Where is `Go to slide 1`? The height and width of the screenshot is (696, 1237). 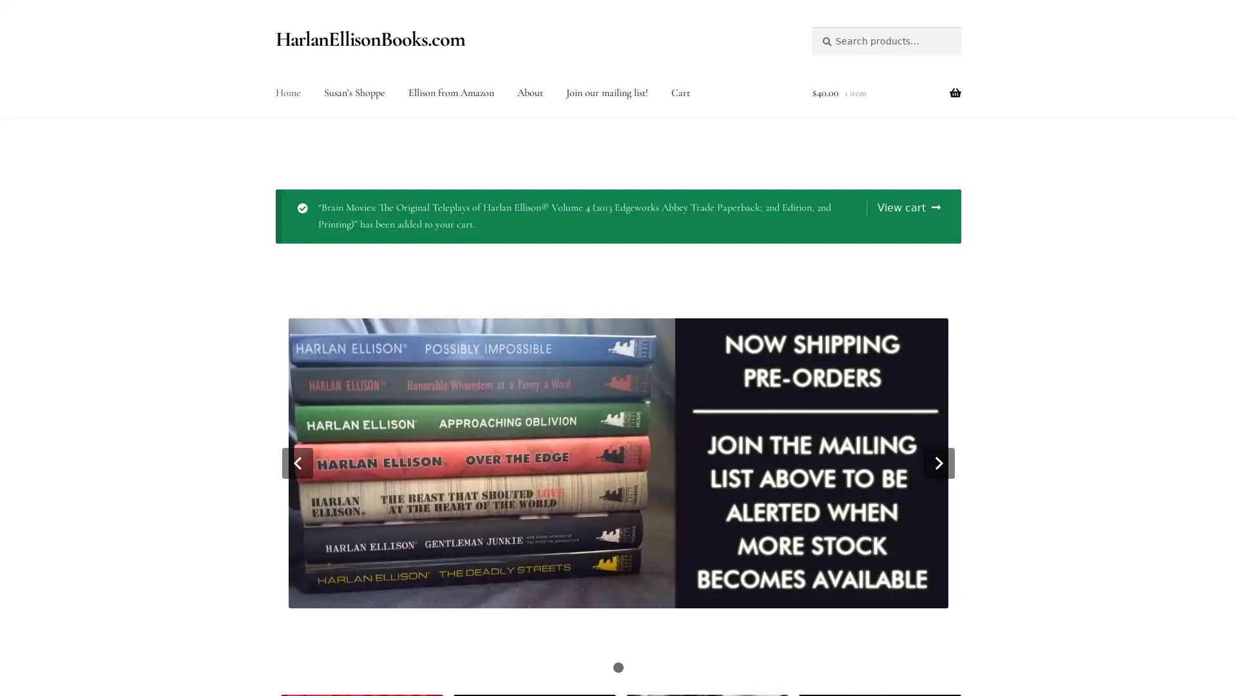
Go to slide 1 is located at coordinates (618, 666).